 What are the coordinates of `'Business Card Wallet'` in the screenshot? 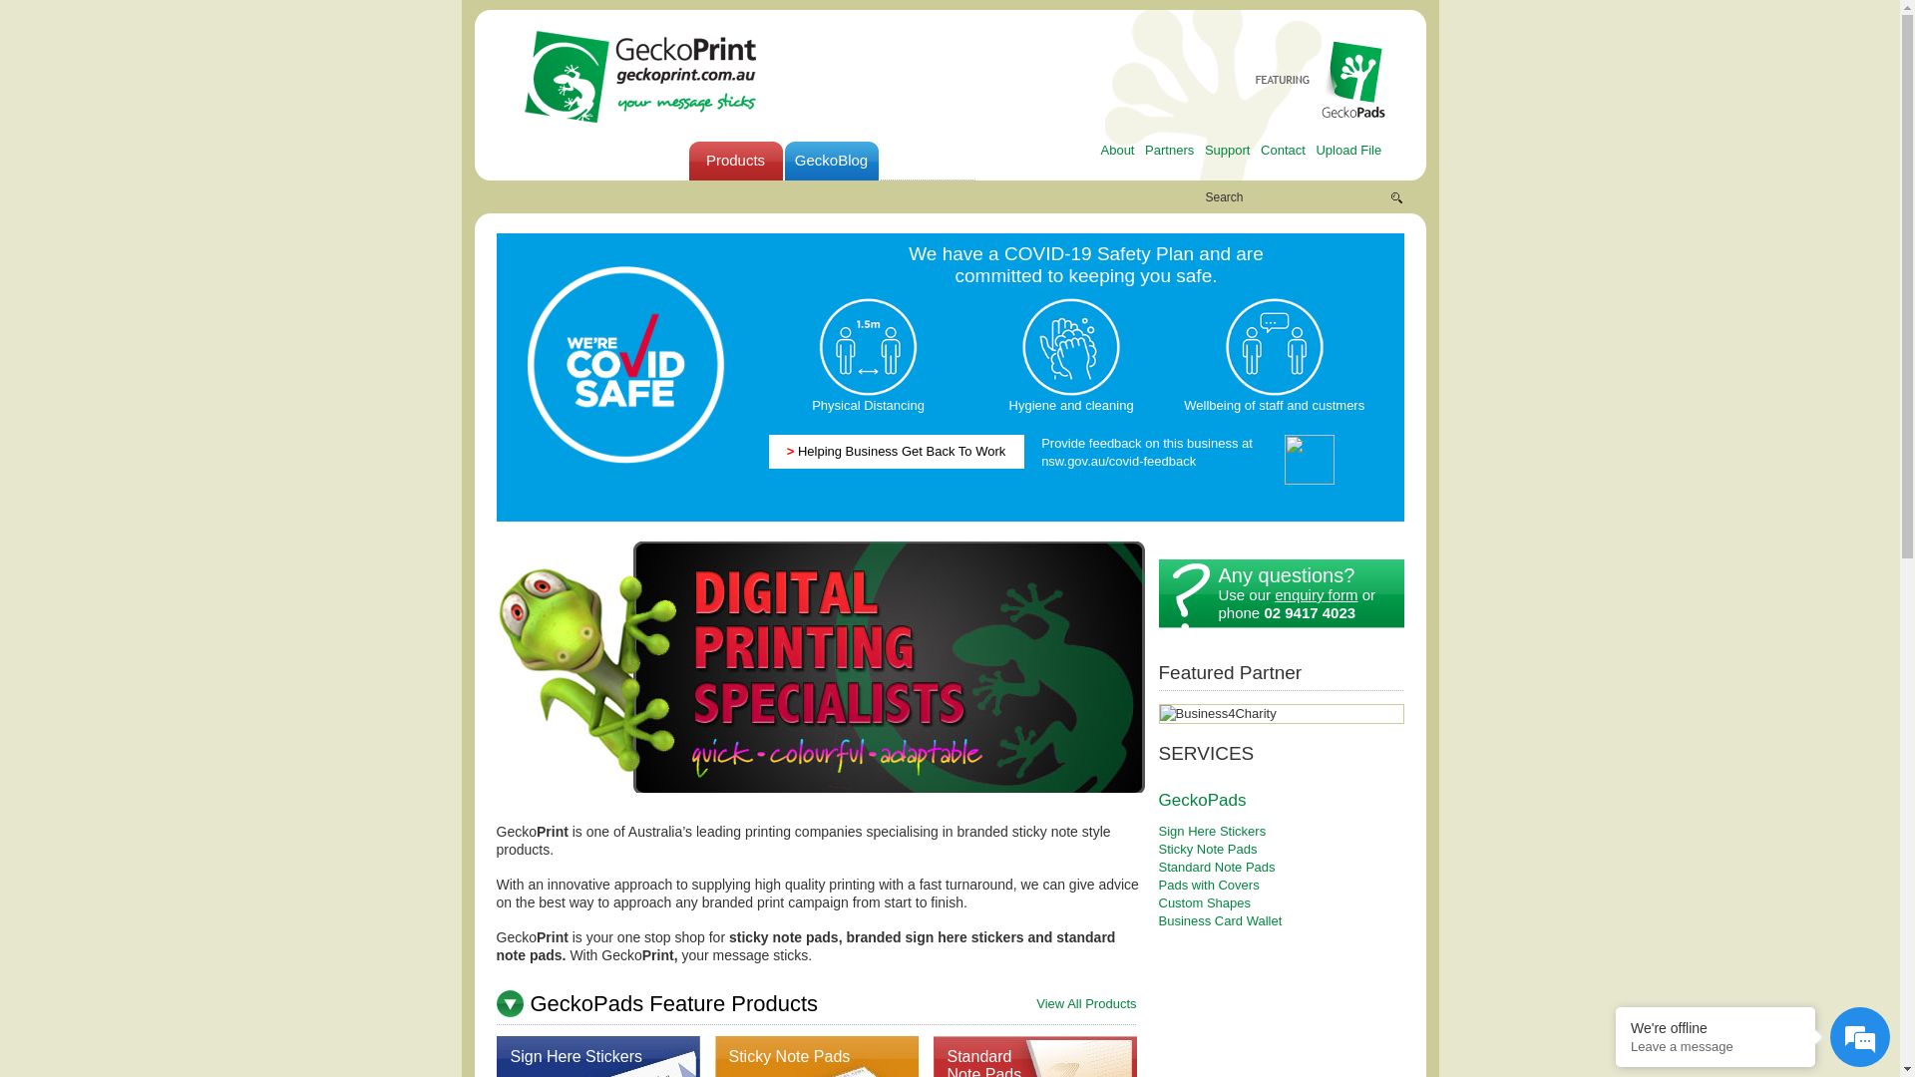 It's located at (1158, 920).